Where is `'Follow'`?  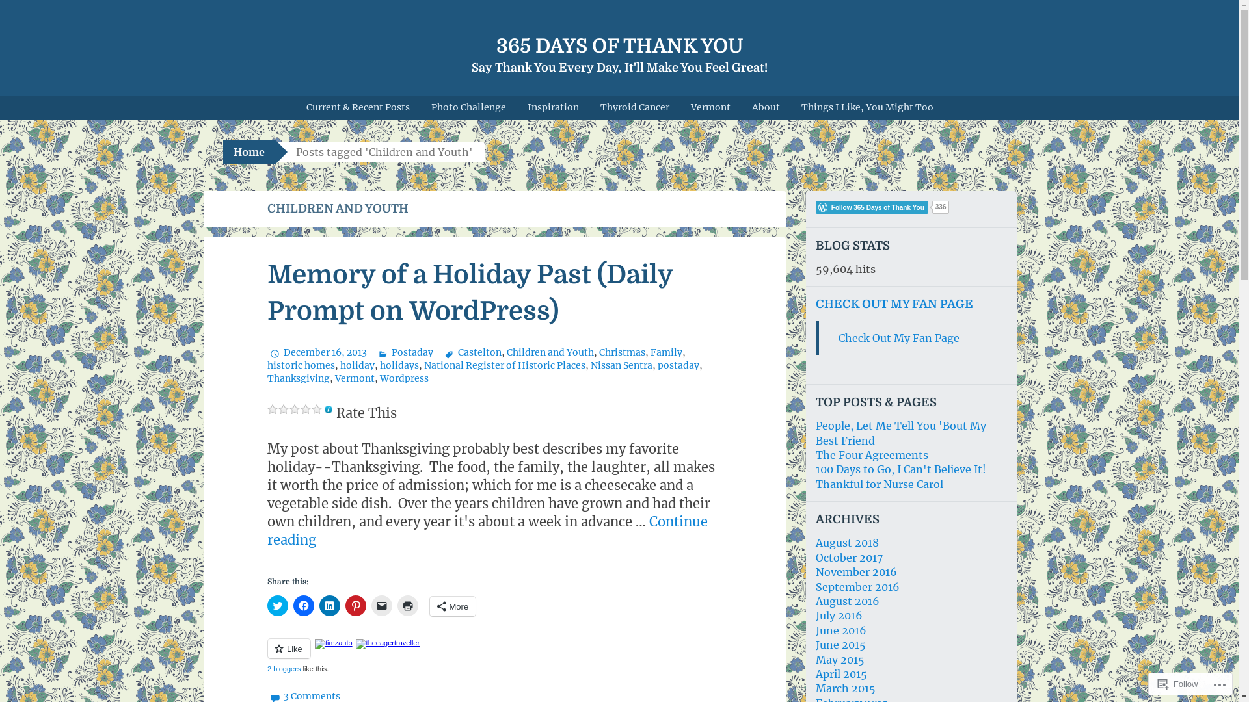 'Follow' is located at coordinates (1152, 683).